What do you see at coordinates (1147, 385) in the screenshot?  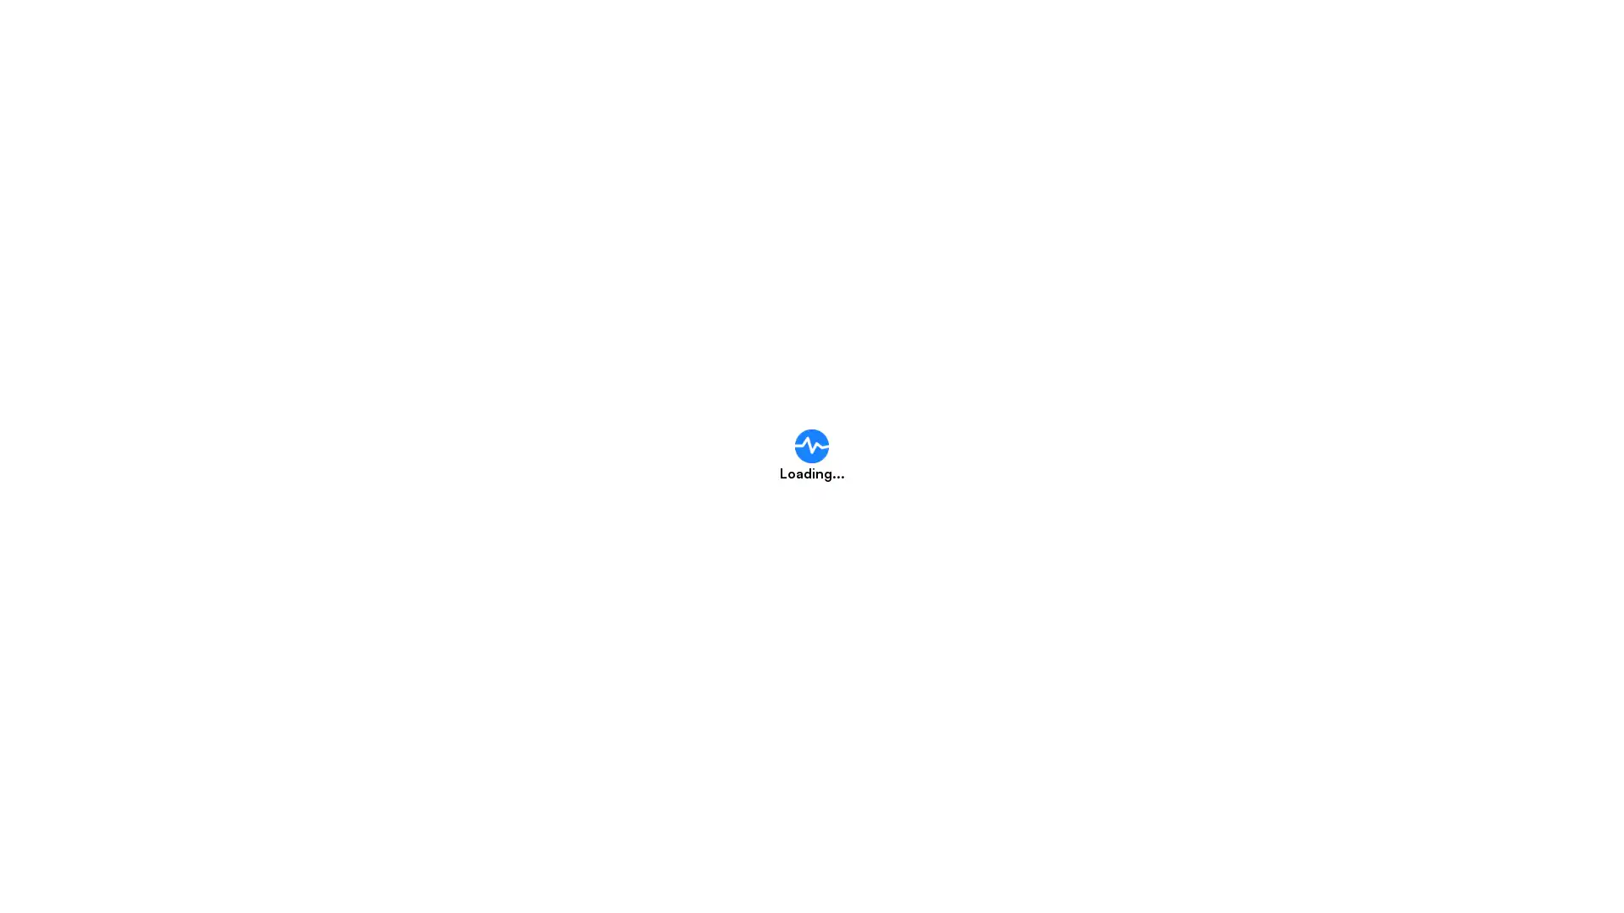 I see `GO` at bounding box center [1147, 385].